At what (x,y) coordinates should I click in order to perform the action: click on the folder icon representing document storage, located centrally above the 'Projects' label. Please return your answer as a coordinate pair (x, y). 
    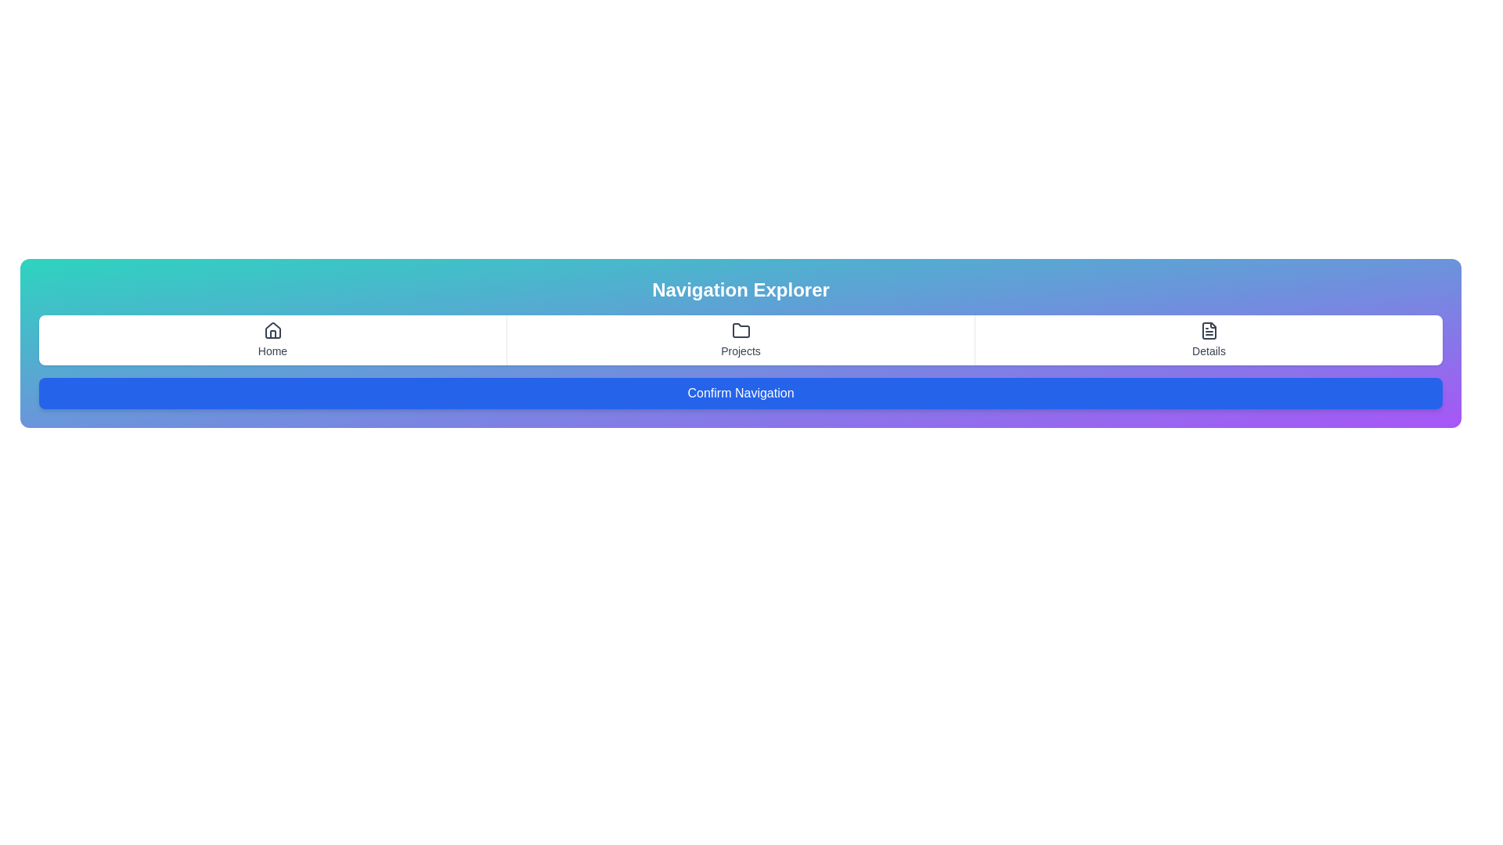
    Looking at the image, I should click on (740, 330).